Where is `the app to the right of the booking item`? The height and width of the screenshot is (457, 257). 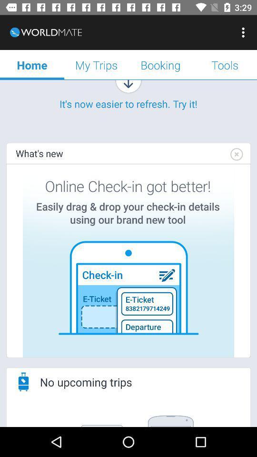
the app to the right of the booking item is located at coordinates (244, 32).